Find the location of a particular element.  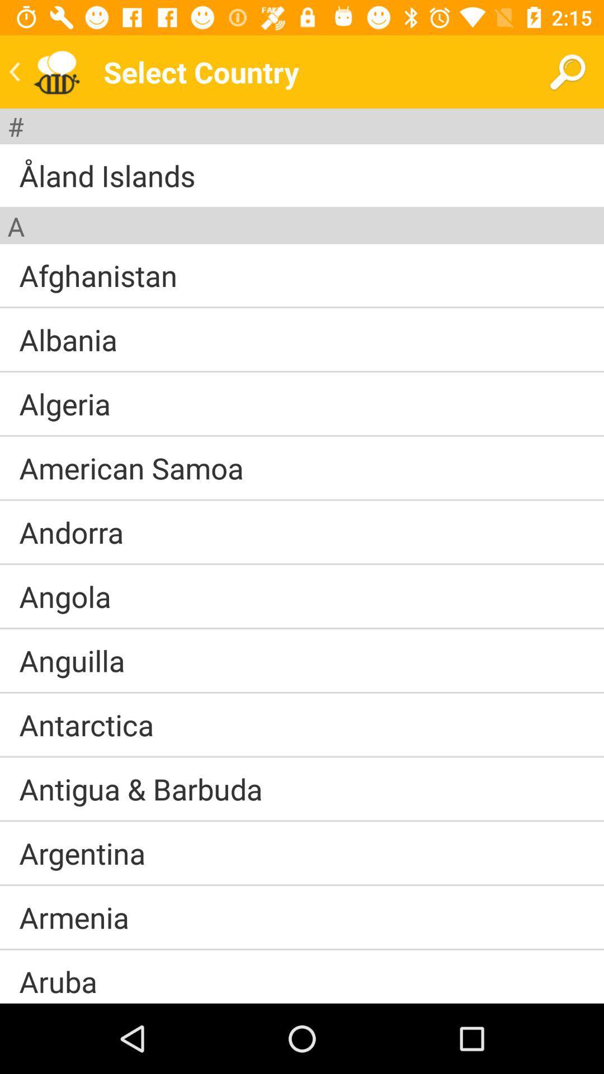

the algeria icon is located at coordinates (65, 403).